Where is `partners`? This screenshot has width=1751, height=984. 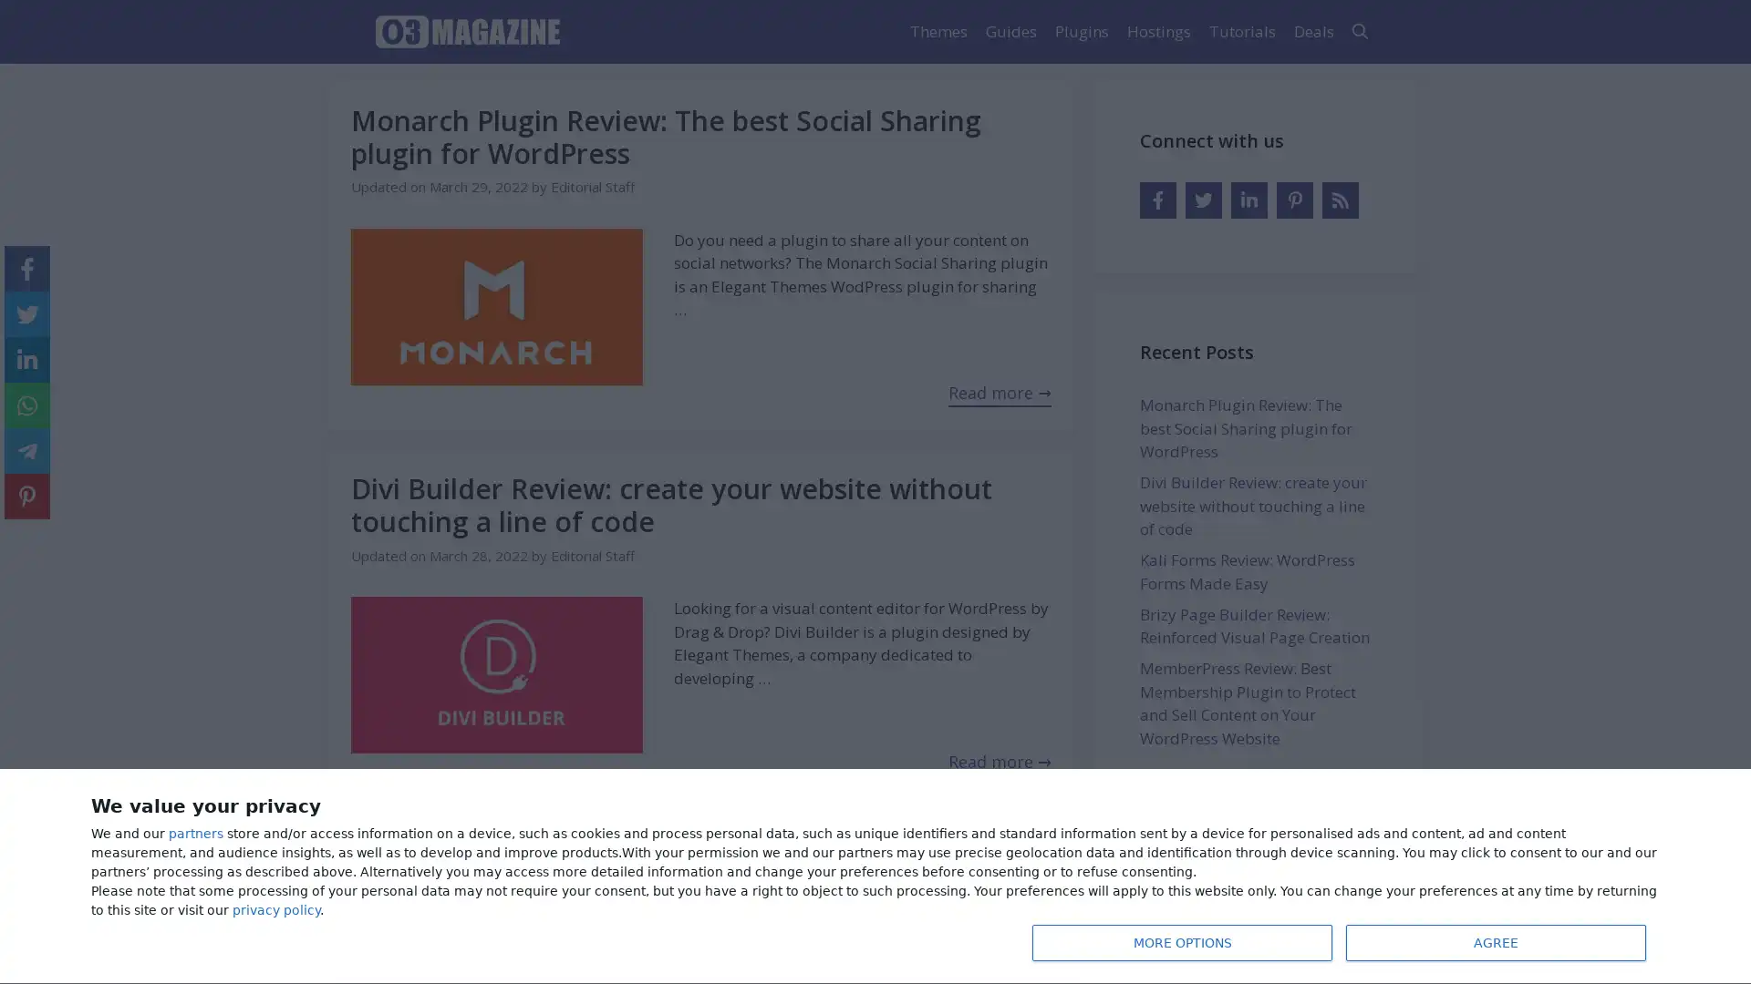 partners is located at coordinates (196, 833).